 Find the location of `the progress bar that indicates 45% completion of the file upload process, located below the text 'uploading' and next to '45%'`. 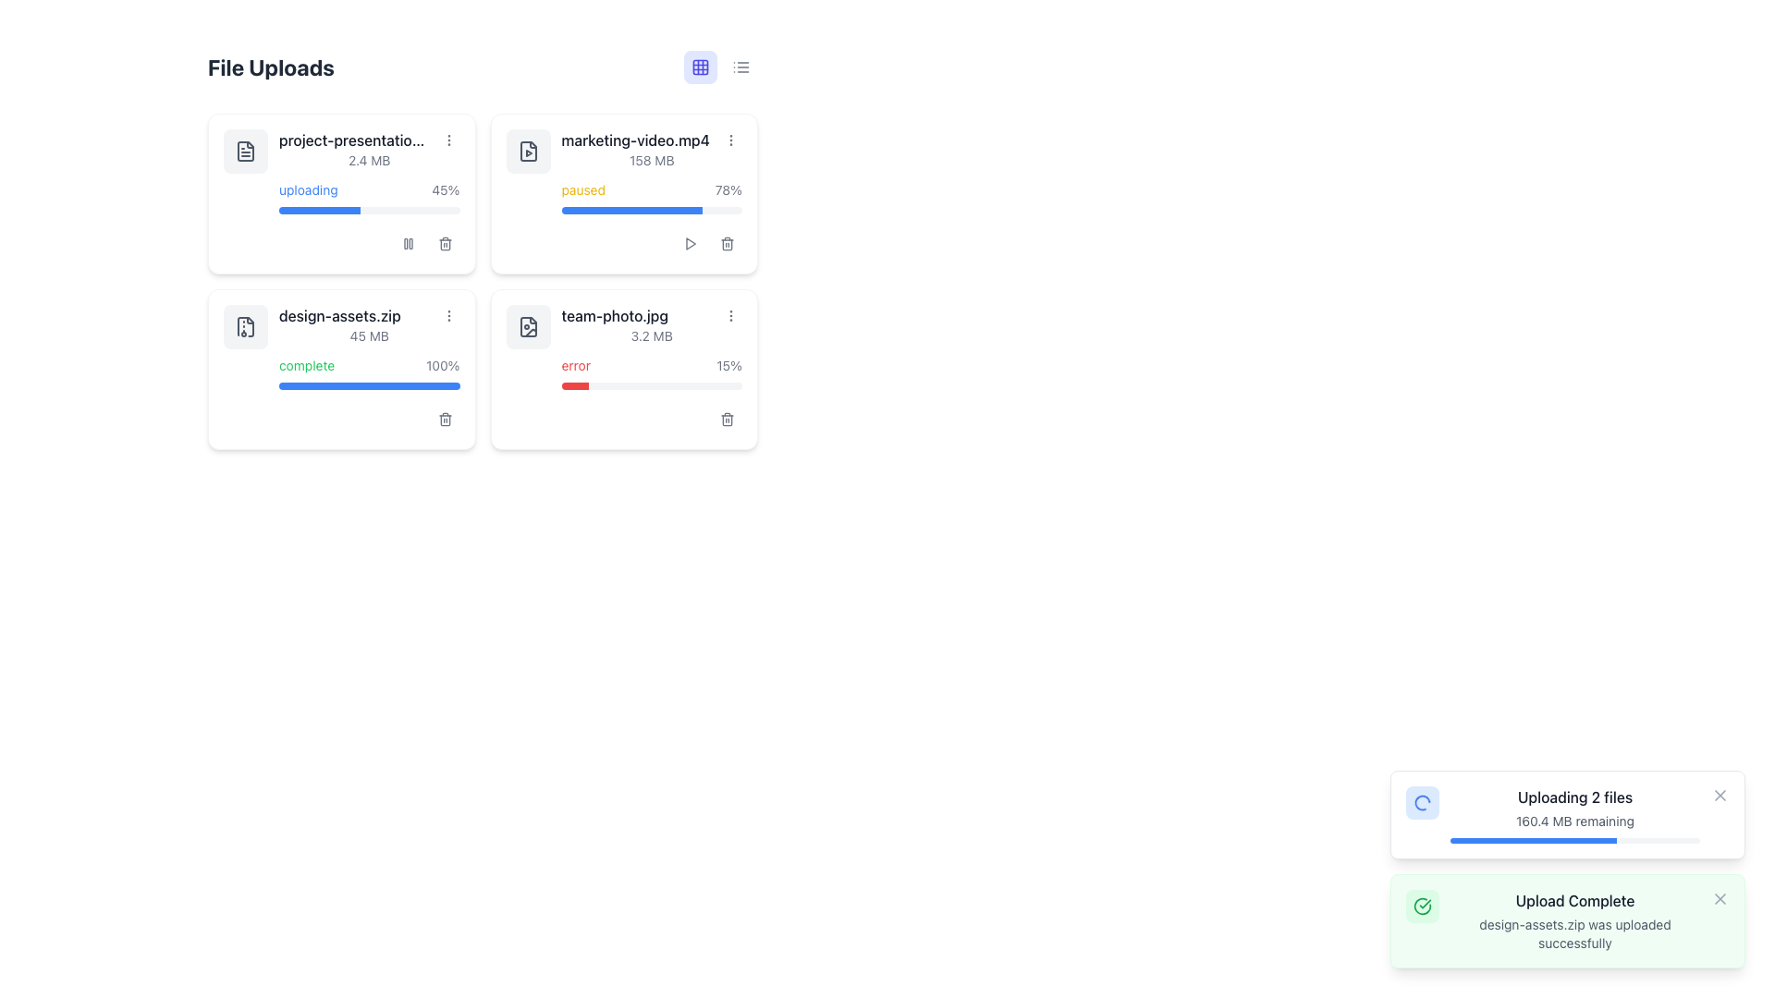

the progress bar that indicates 45% completion of the file upload process, located below the text 'uploading' and next to '45%' is located at coordinates (319, 209).